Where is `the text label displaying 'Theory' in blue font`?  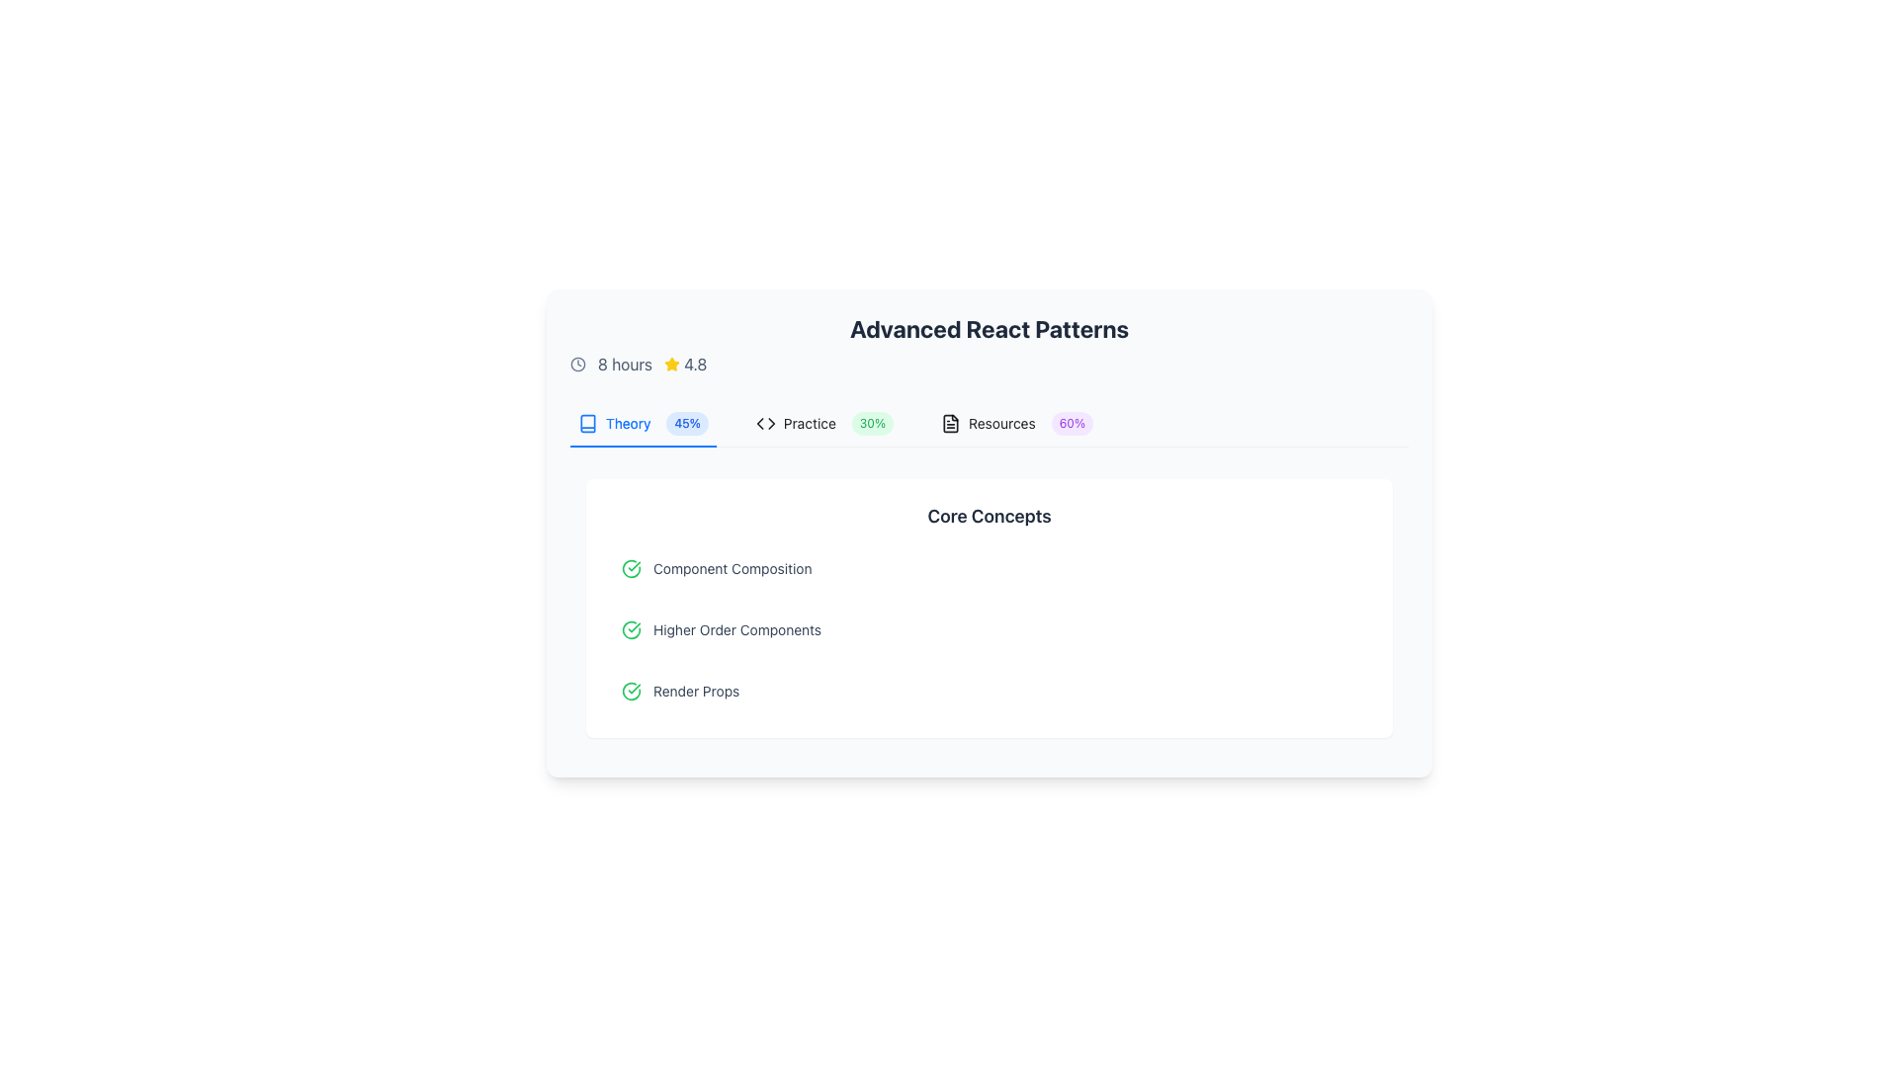 the text label displaying 'Theory' in blue font is located at coordinates (627, 422).